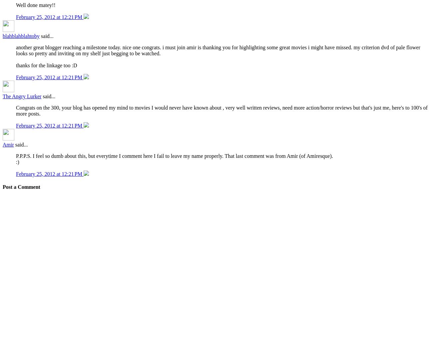 The height and width of the screenshot is (348, 433). What do you see at coordinates (46, 65) in the screenshot?
I see `'thanks for the linkage too :D'` at bounding box center [46, 65].